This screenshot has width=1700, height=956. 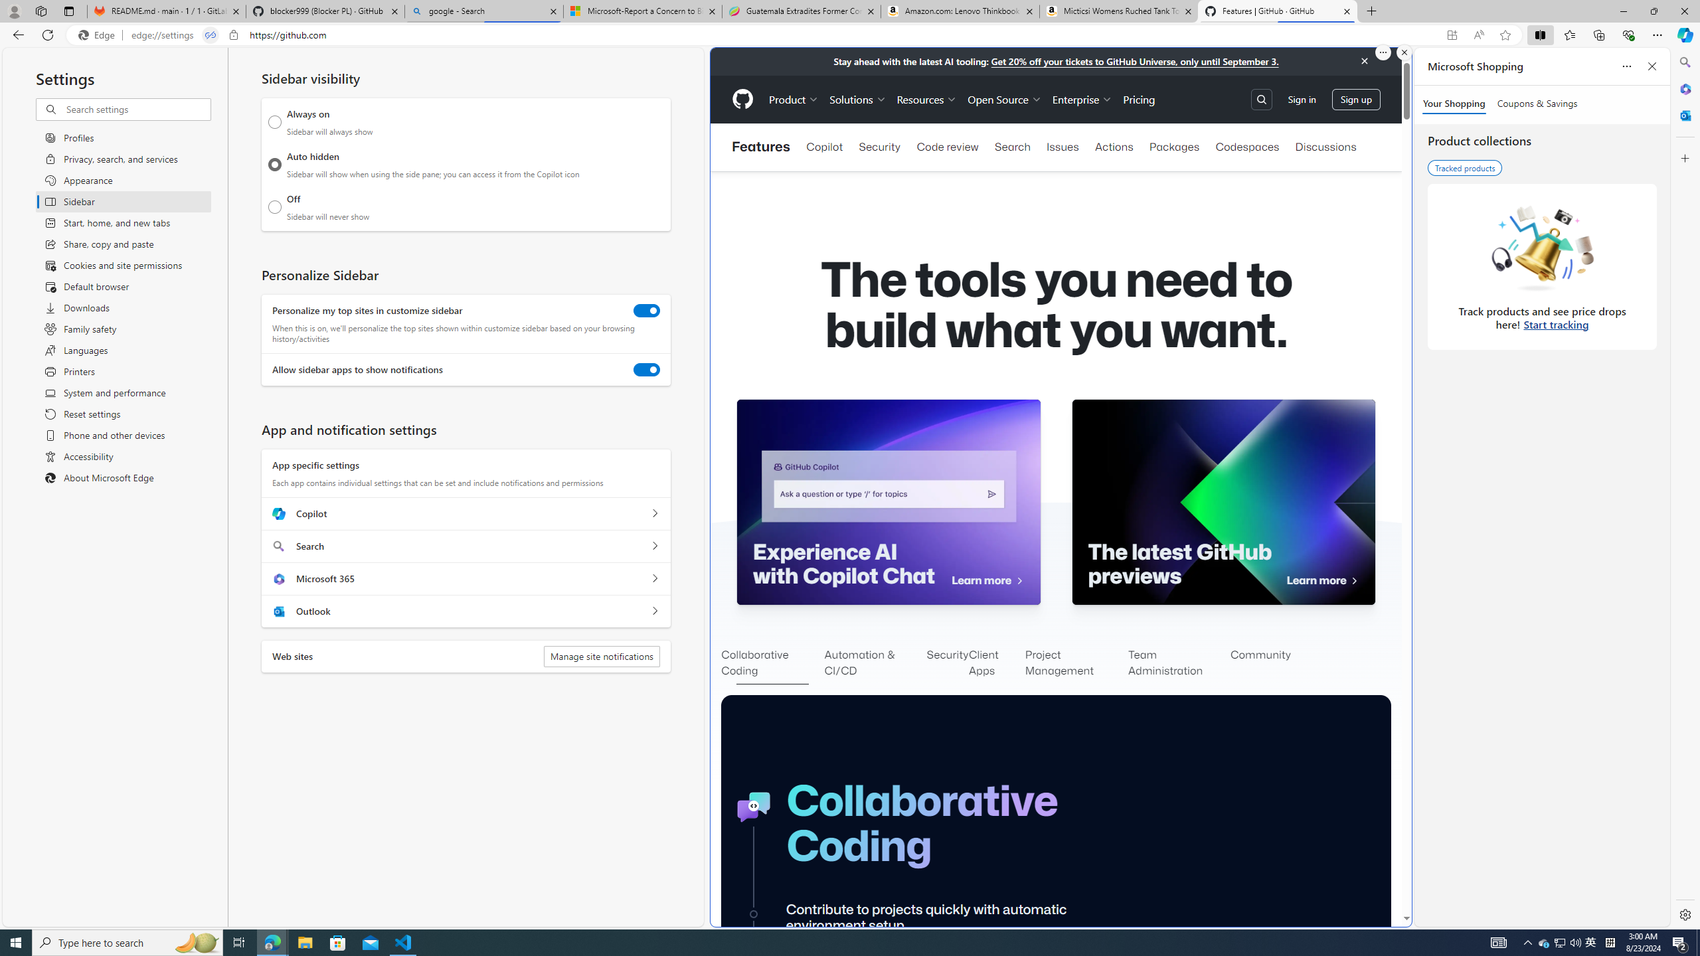 What do you see at coordinates (1353, 580) in the screenshot?
I see `'Class: octicon arrow-symbol-mktg octicon'` at bounding box center [1353, 580].